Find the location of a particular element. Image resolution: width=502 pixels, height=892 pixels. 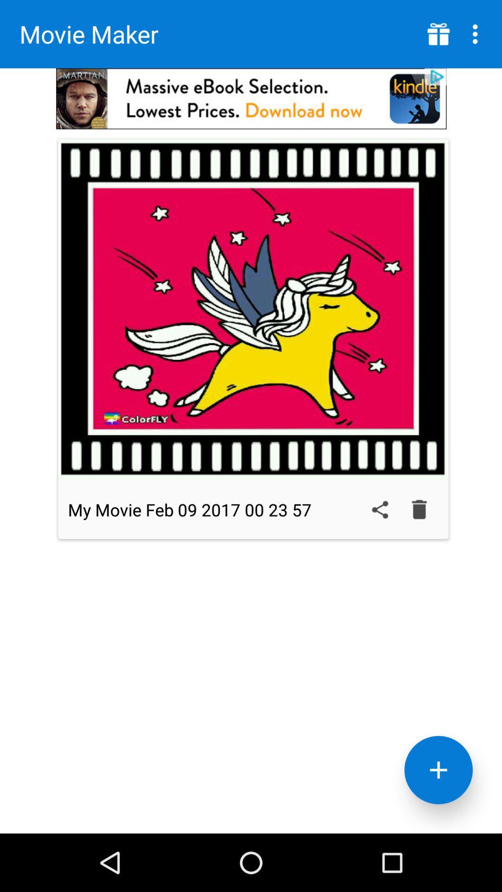

the add icon is located at coordinates (438, 770).